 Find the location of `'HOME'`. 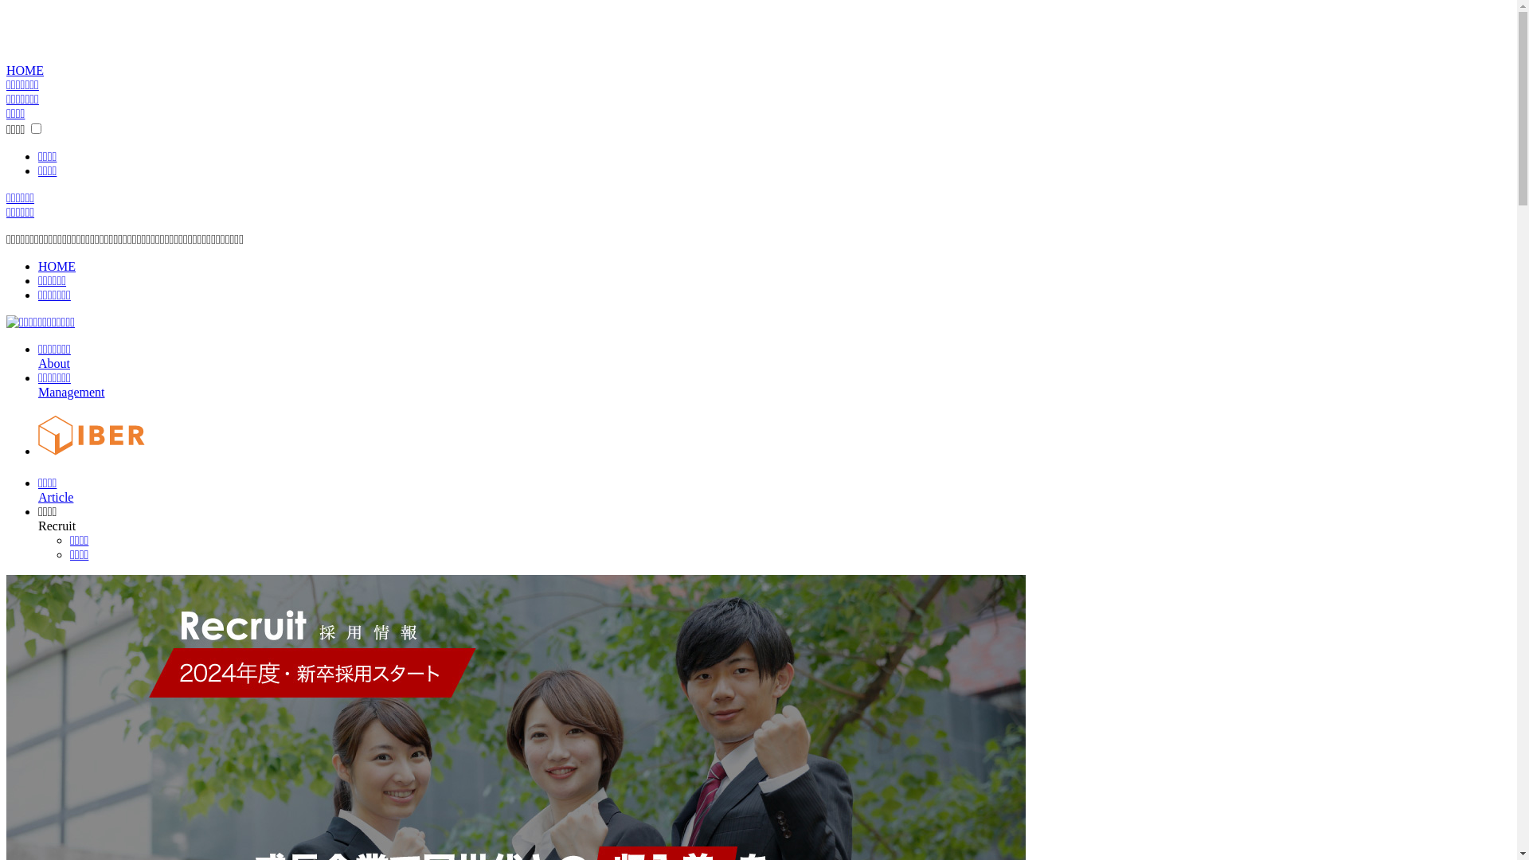

'HOME' is located at coordinates (25, 69).